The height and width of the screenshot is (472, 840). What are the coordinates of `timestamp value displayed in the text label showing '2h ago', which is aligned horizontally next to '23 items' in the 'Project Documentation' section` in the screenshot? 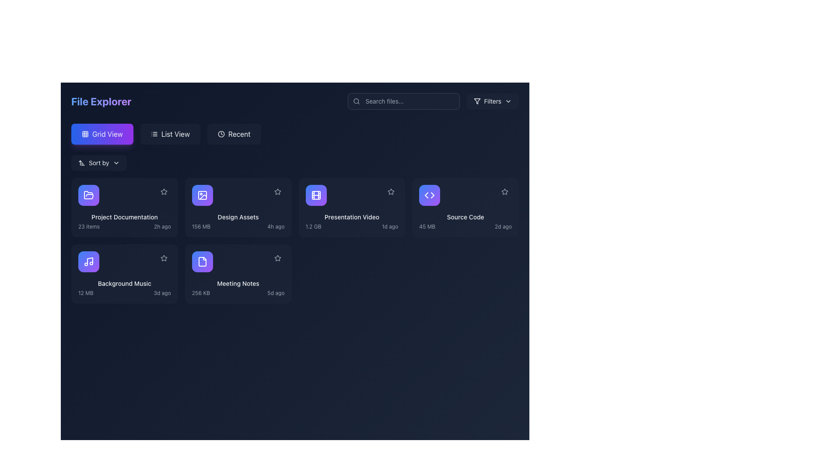 It's located at (162, 226).